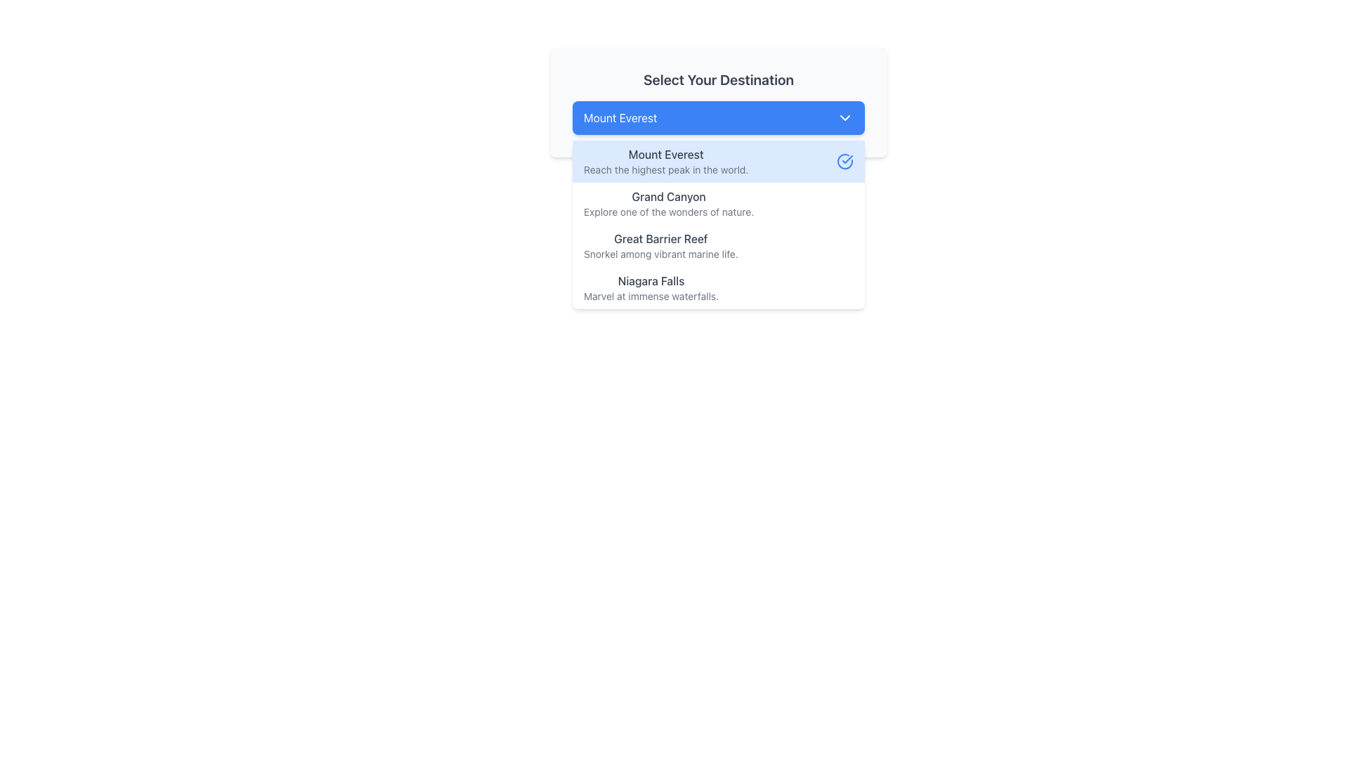  What do you see at coordinates (650, 287) in the screenshot?
I see `the text label displaying the travel destination name, which is the fourth entry in the dropdown menu` at bounding box center [650, 287].